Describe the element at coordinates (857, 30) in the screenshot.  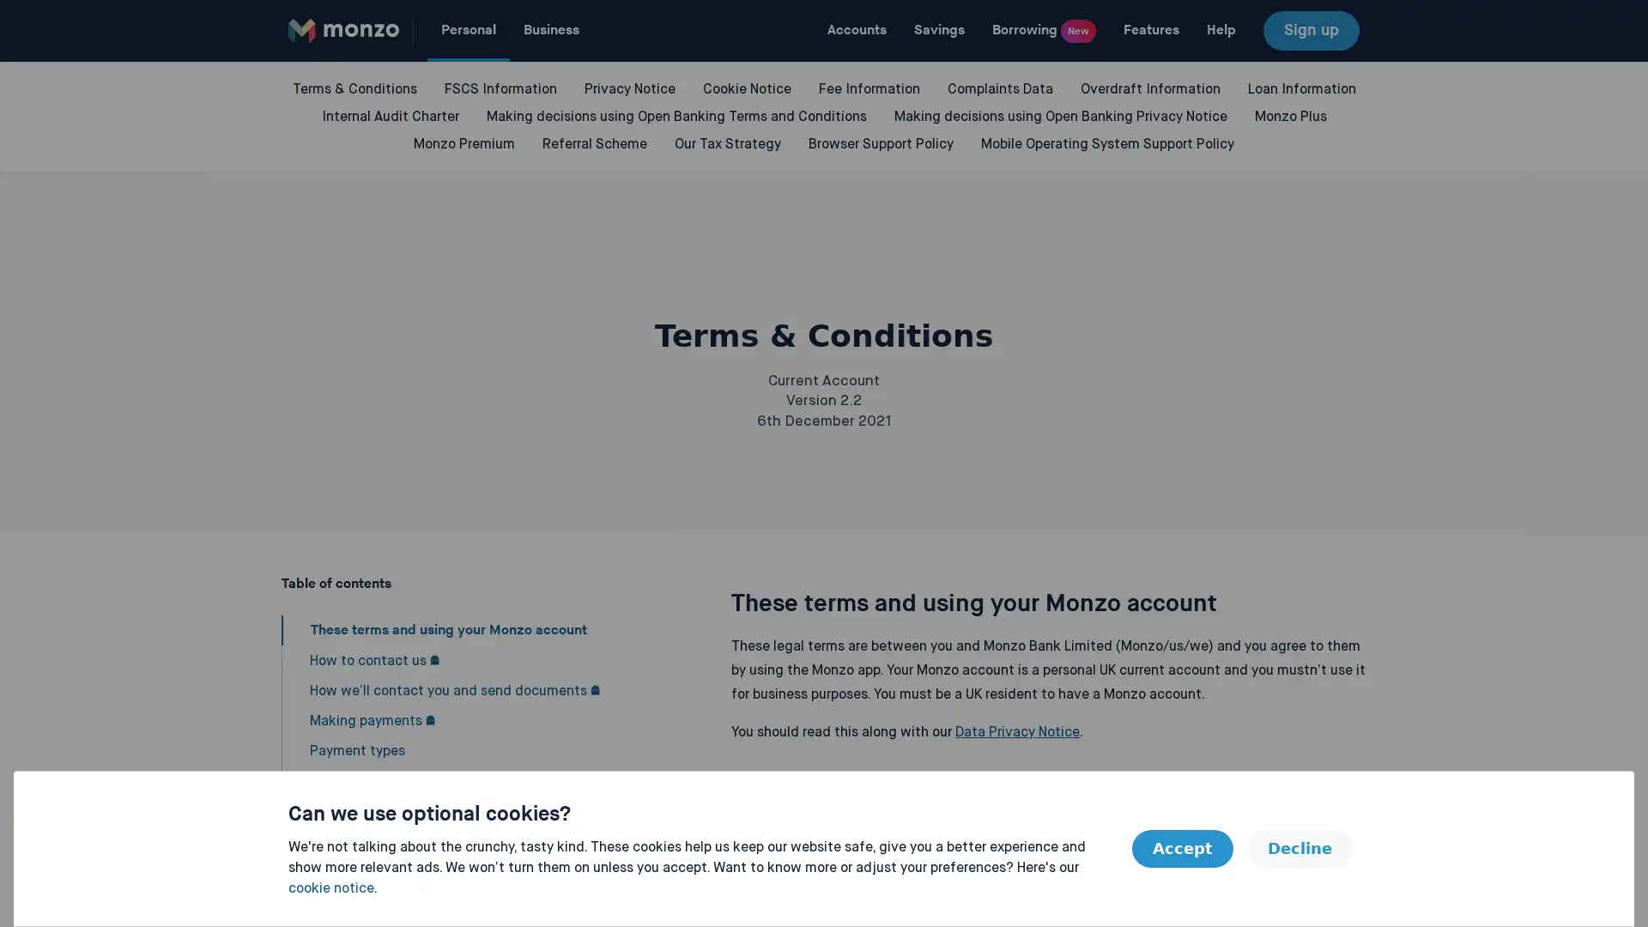
I see `Accounts` at that location.